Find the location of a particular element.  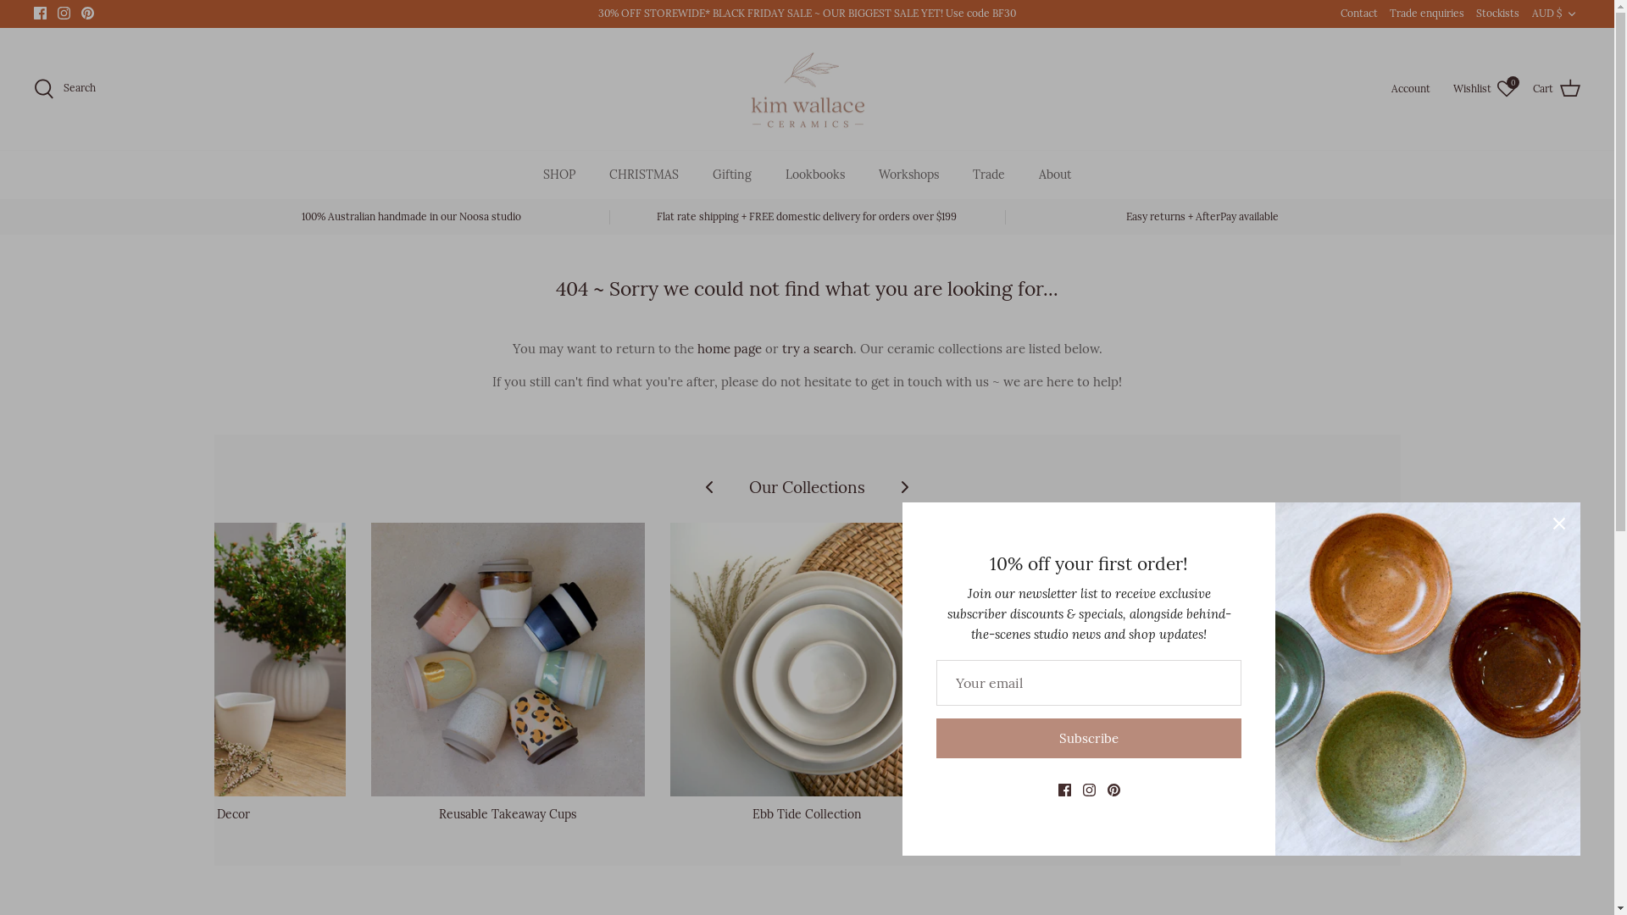

'Wishlist is located at coordinates (1484, 88).